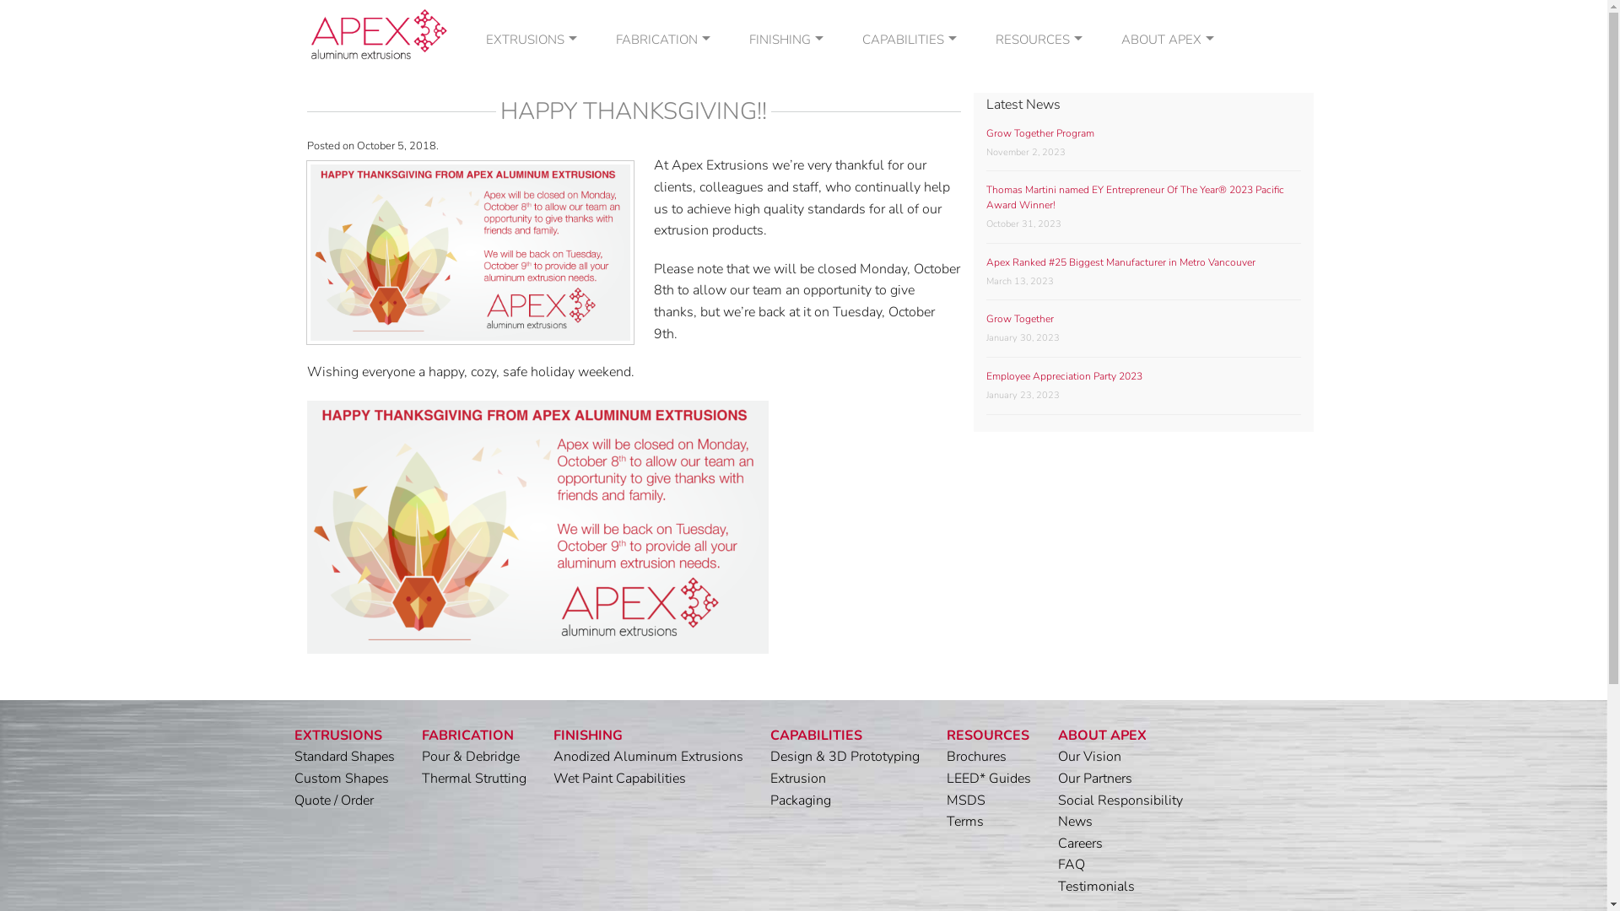 Image resolution: width=1620 pixels, height=911 pixels. I want to click on 'Terms', so click(964, 821).